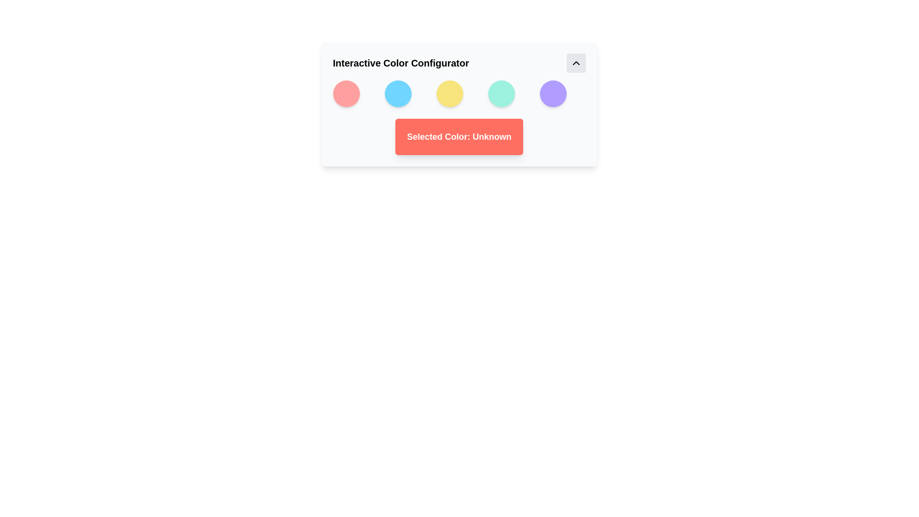 This screenshot has width=919, height=517. I want to click on the first light pink color selection button in the horizontal grid, so click(346, 94).